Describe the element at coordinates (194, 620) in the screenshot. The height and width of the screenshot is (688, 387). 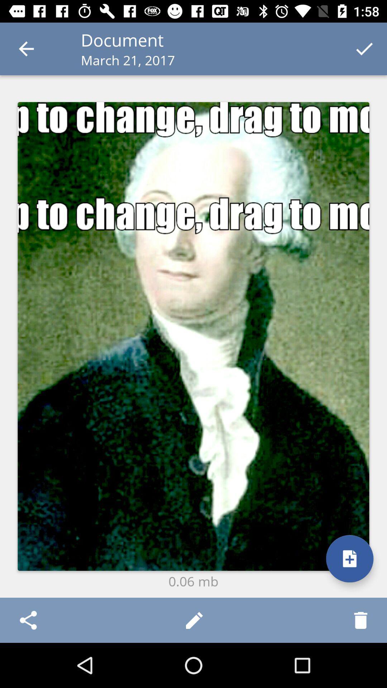
I see `item below the 0.06 mb item` at that location.